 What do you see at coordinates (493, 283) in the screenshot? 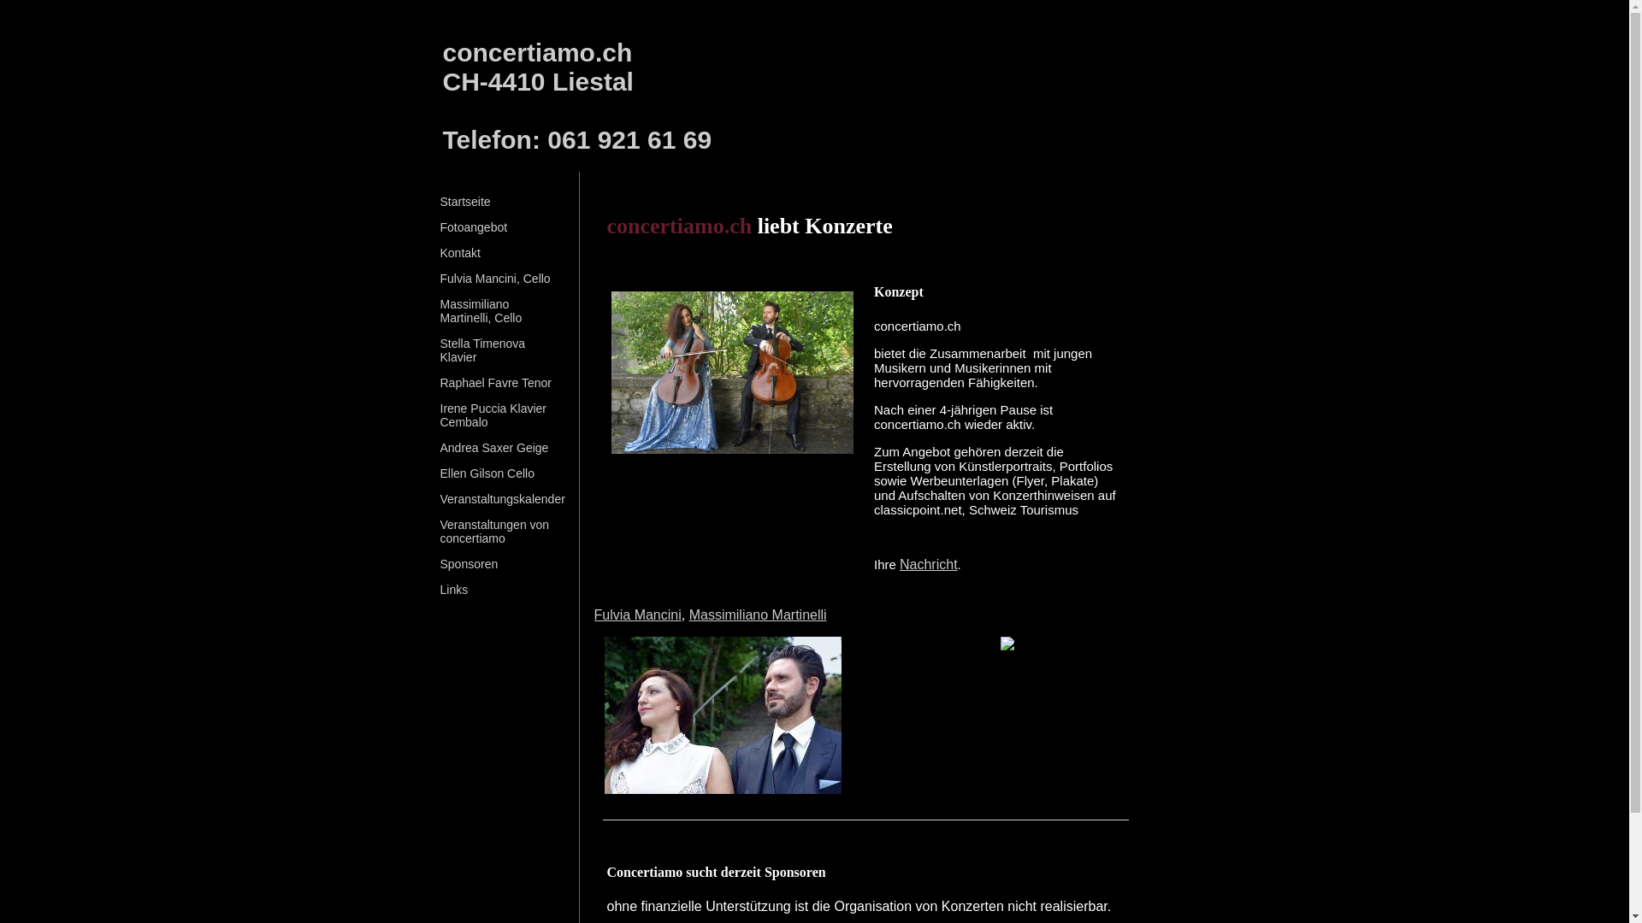
I see `'Fulvia Mancini, Cello'` at bounding box center [493, 283].